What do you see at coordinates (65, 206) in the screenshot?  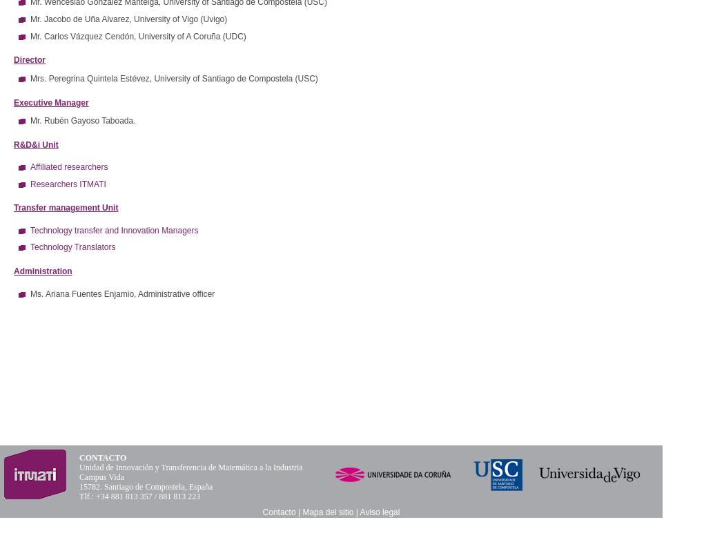 I see `'Transfer management Unit'` at bounding box center [65, 206].